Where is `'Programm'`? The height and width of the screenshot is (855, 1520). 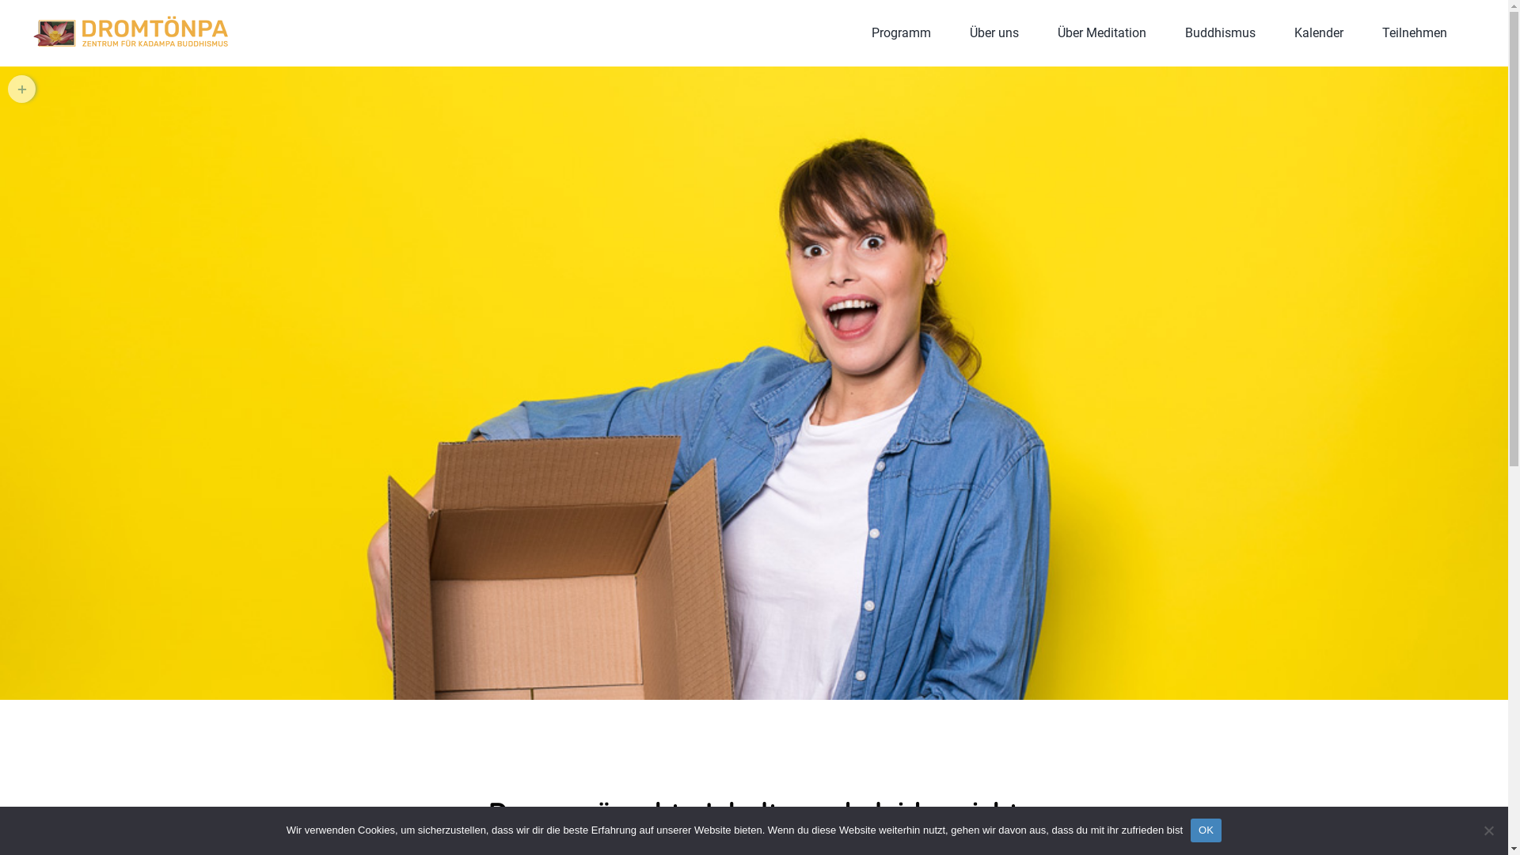 'Programm' is located at coordinates (901, 33).